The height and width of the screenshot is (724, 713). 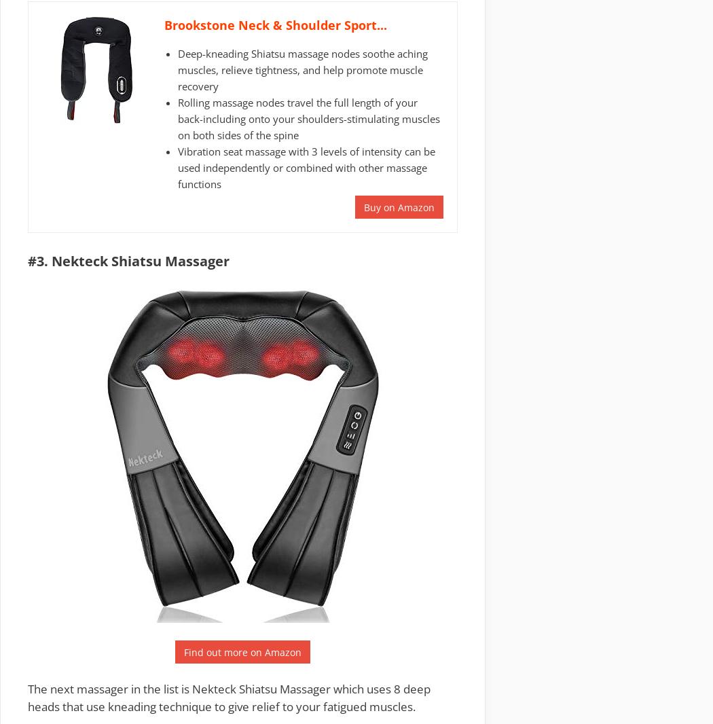 I want to click on 'which uses 8 deep heads that use kneading technique to give relief to your fatigued muscles.', so click(x=26, y=697).